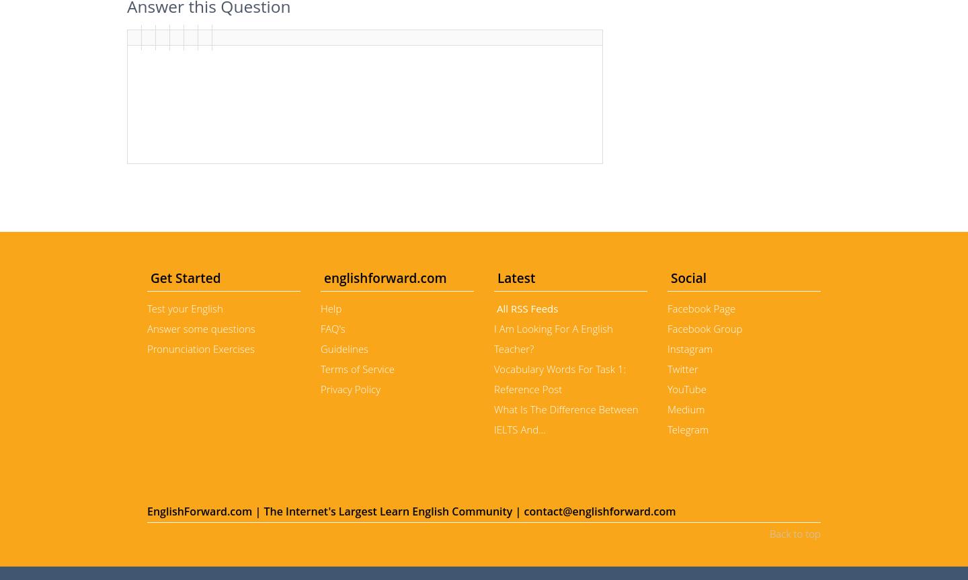  What do you see at coordinates (688, 428) in the screenshot?
I see `'Telegram'` at bounding box center [688, 428].